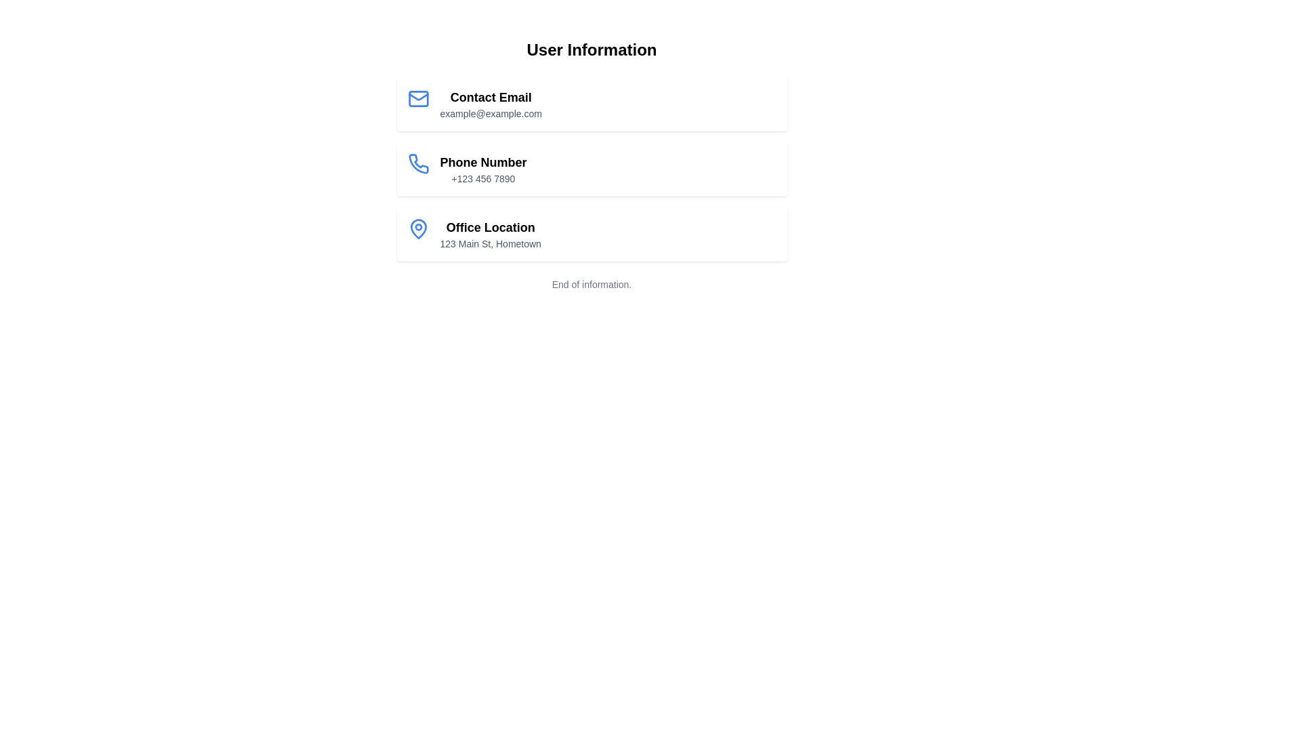 This screenshot has width=1301, height=732. Describe the element at coordinates (490, 113) in the screenshot. I see `the text label displaying the email address 'example@example.com', which is located below the 'Contact Email' heading in the first card of the User Information section` at that location.